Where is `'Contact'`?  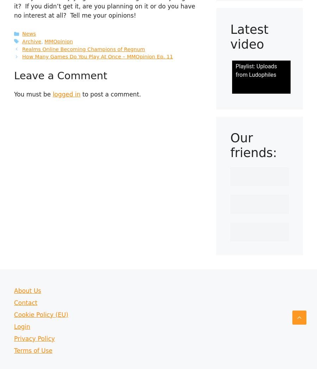 'Contact' is located at coordinates (13, 302).